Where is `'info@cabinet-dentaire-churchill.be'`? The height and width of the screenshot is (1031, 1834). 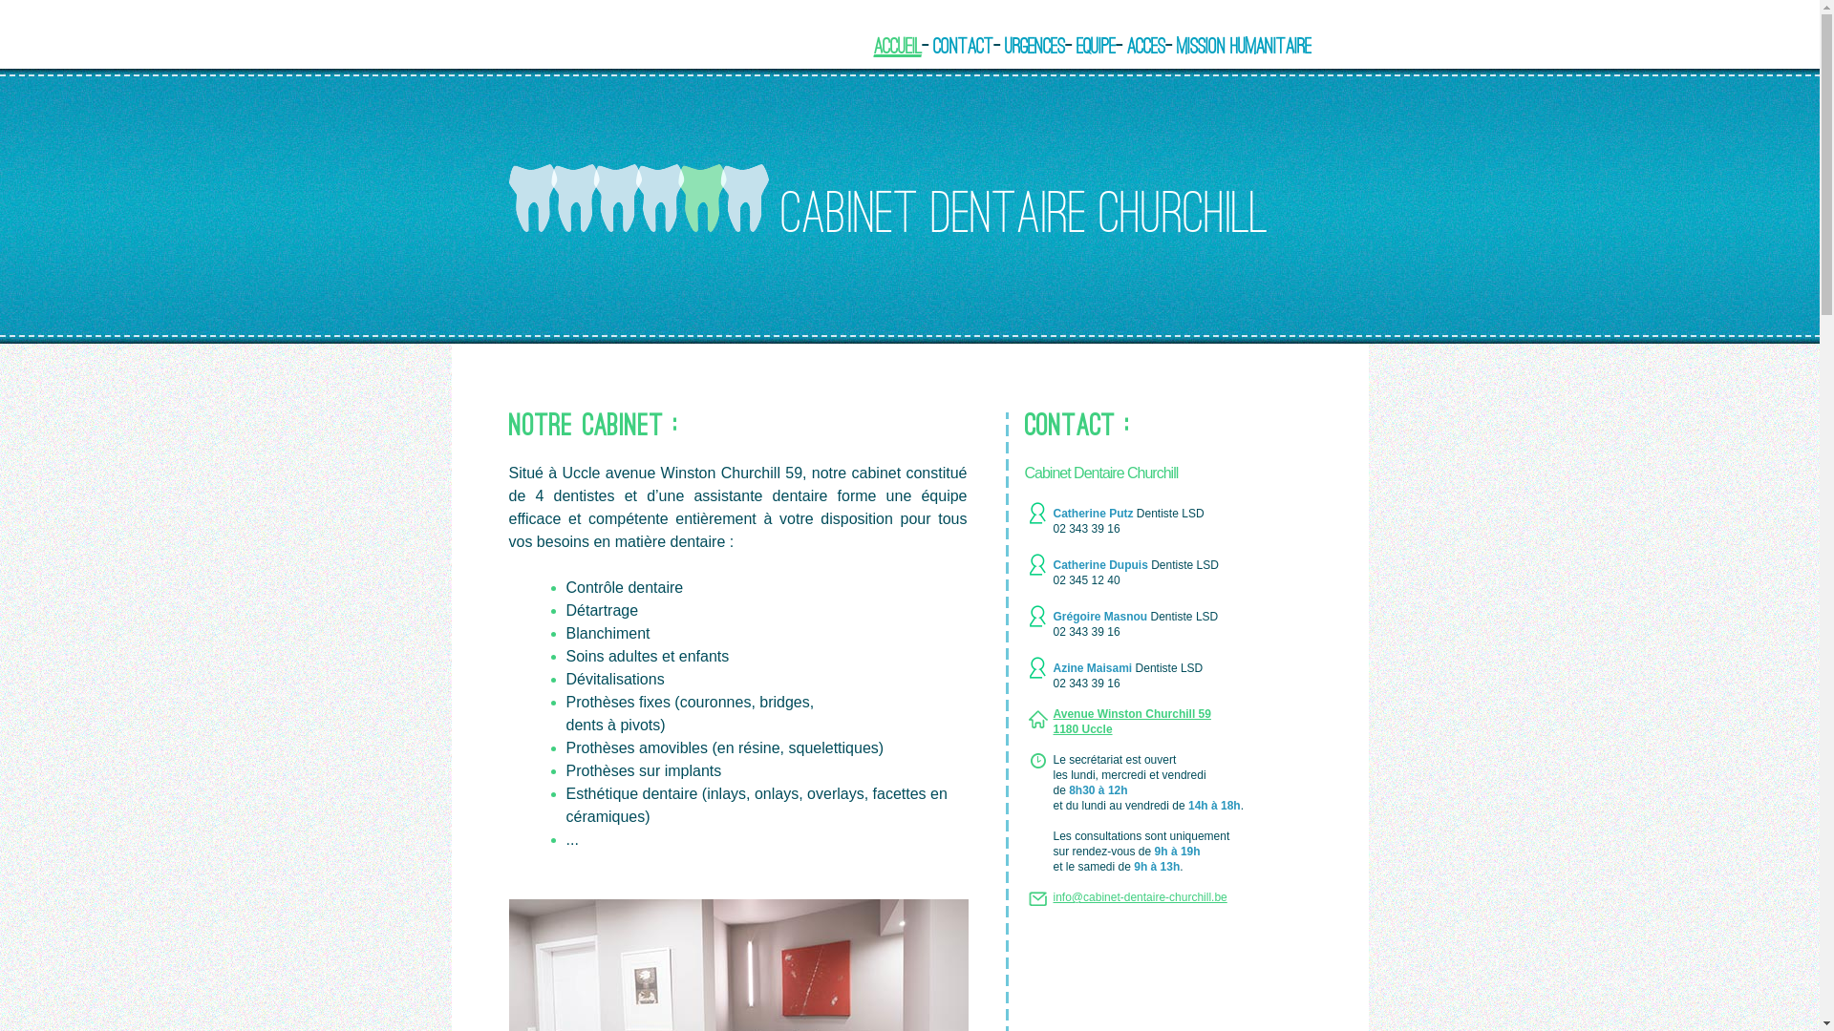
'info@cabinet-dentaire-churchill.be' is located at coordinates (1140, 897).